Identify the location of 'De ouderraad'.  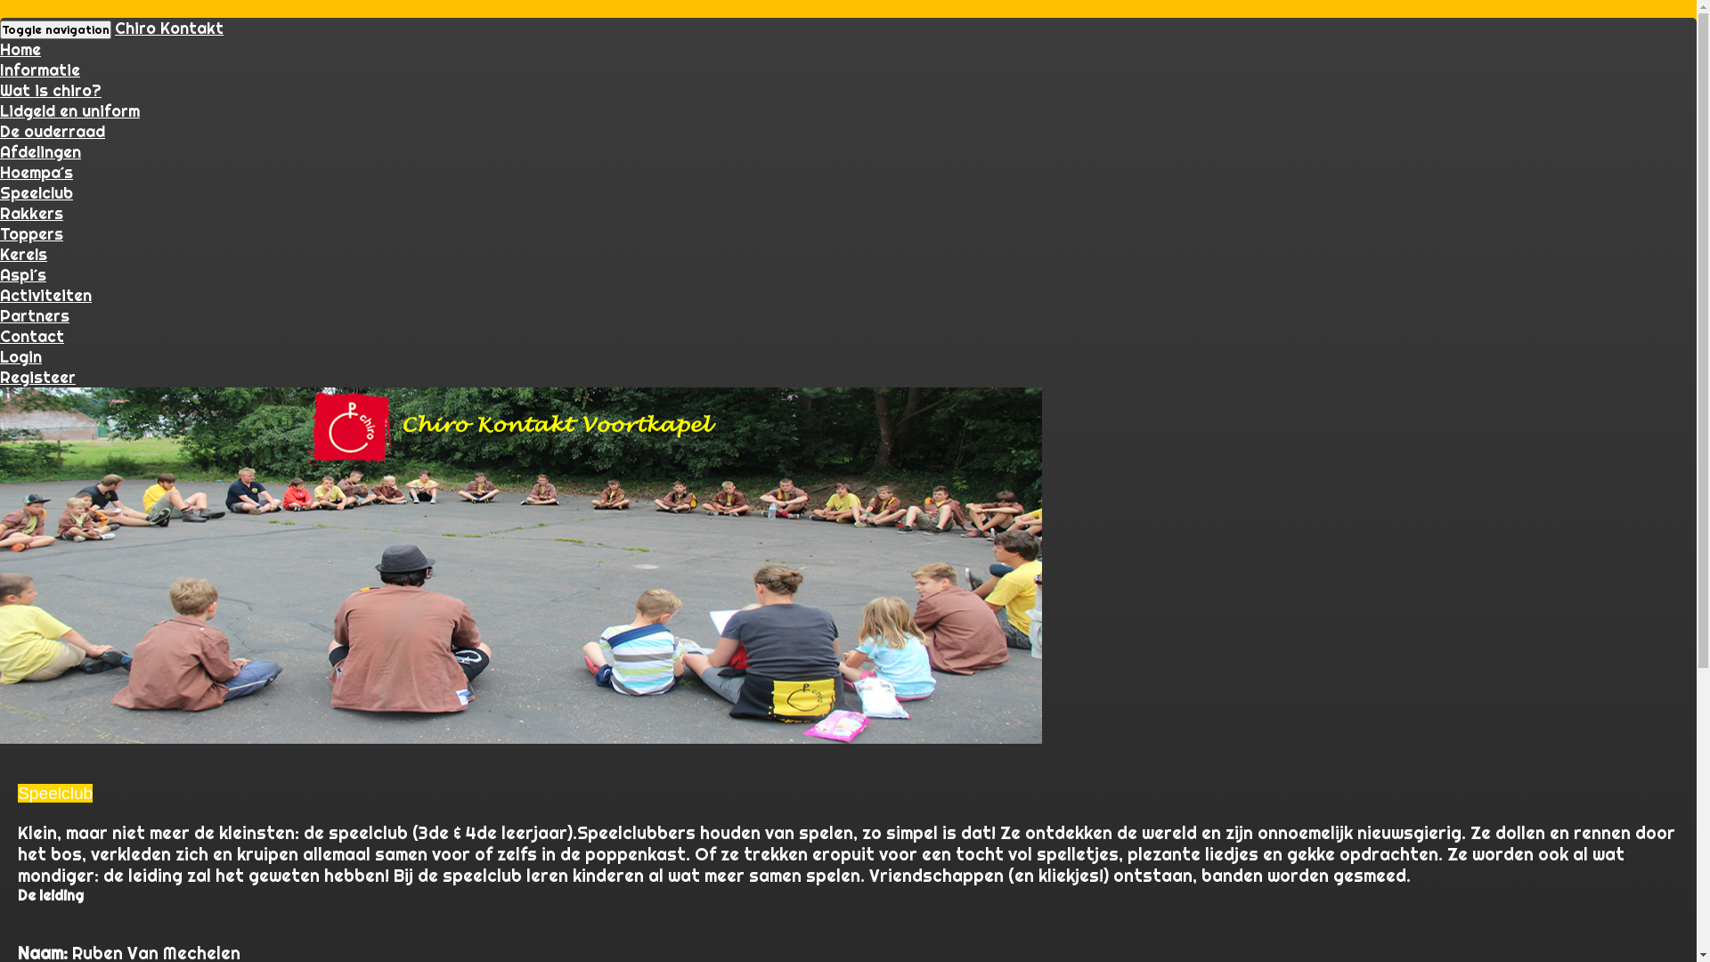
(52, 130).